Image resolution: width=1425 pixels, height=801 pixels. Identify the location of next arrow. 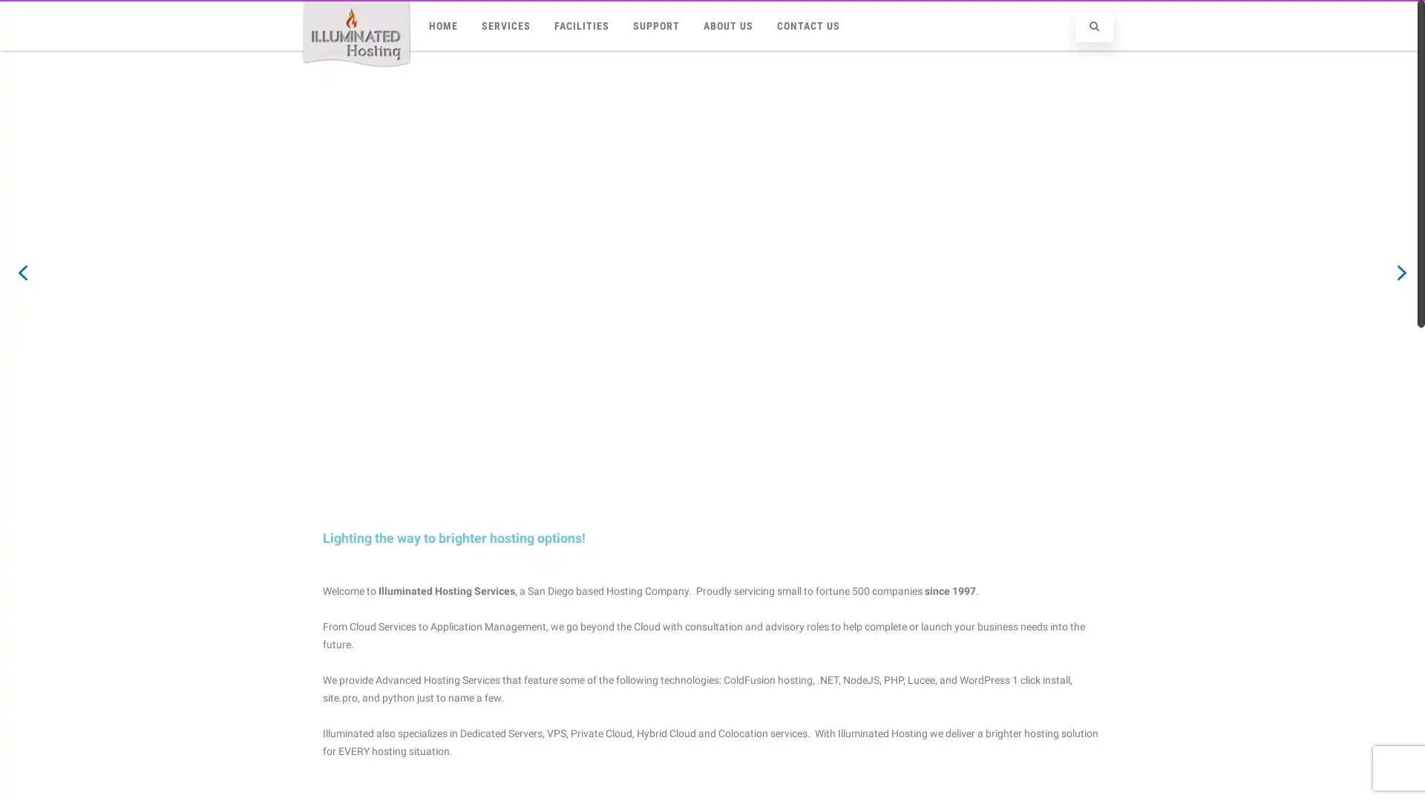
(1401, 272).